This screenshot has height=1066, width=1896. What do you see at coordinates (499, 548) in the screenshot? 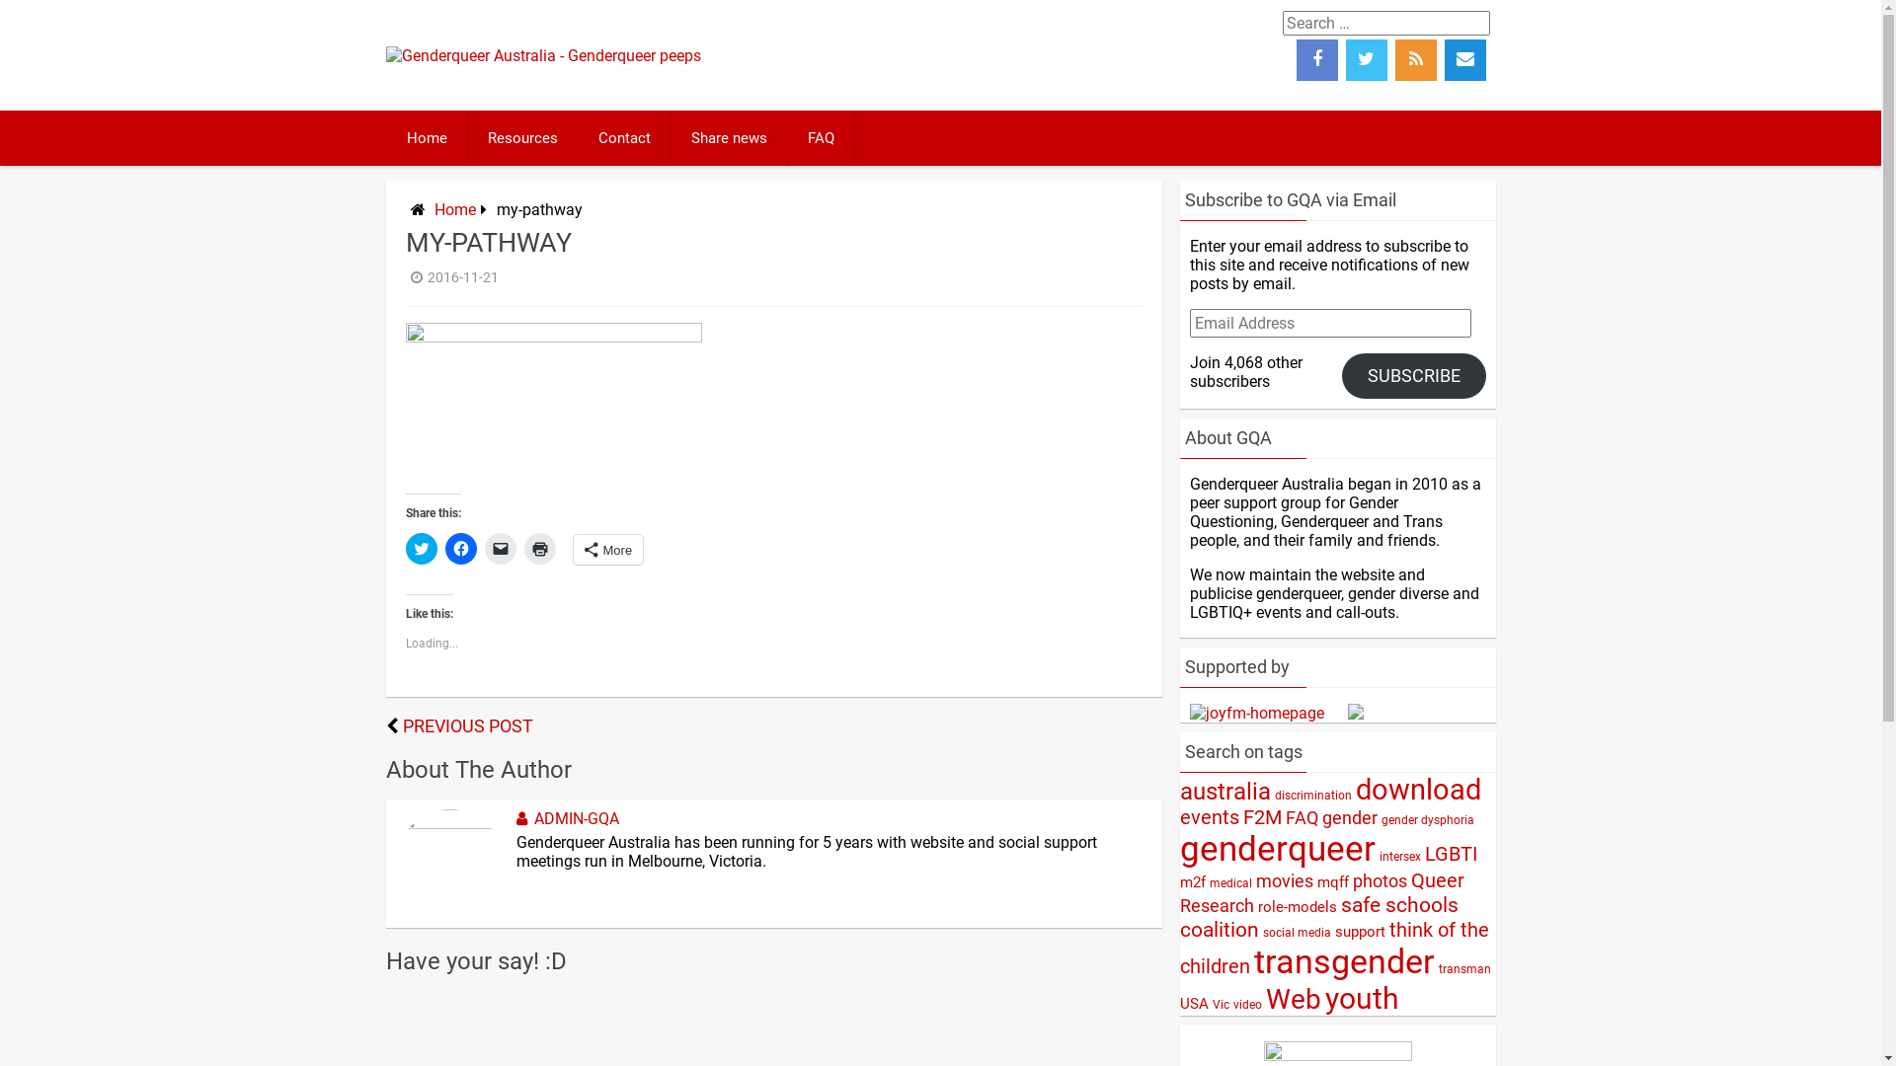
I see `'Click to email a link to a friend (Opens in new window)'` at bounding box center [499, 548].